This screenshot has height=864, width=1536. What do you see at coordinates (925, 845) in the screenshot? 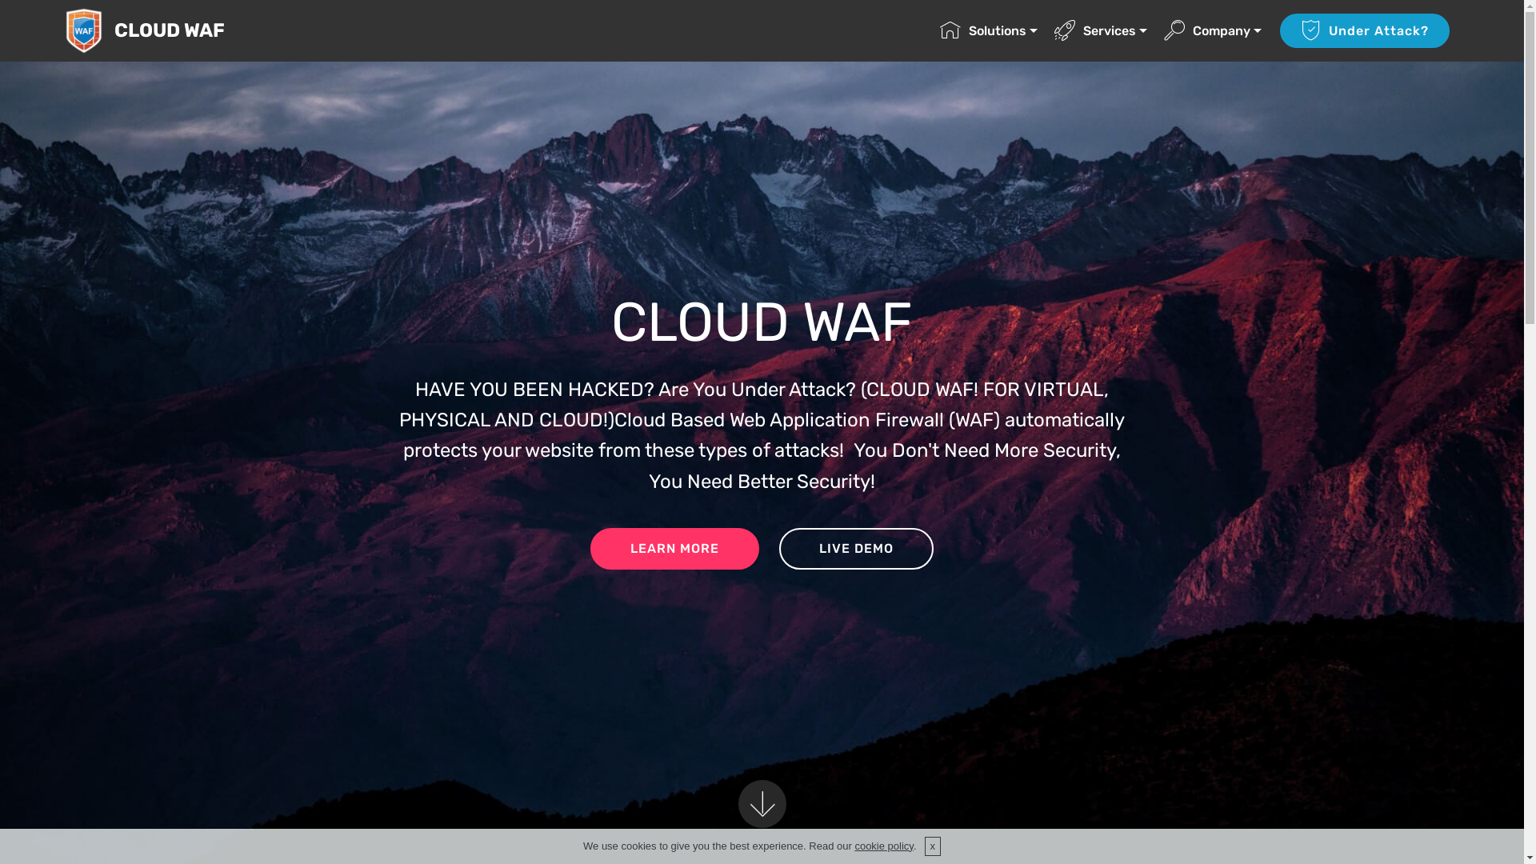
I see `'x'` at bounding box center [925, 845].